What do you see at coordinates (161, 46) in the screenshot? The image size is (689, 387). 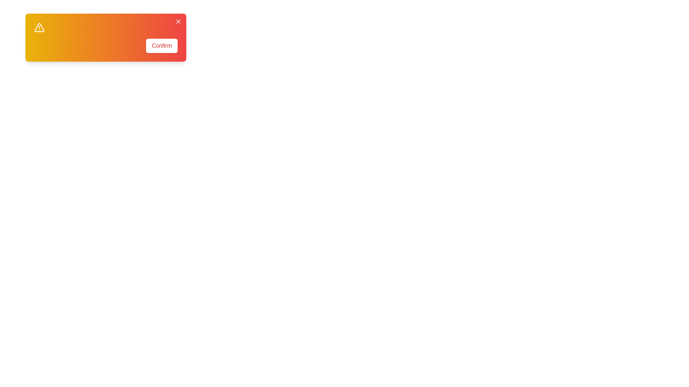 I see `the confirm button located in the bottom-right corner of the dialog box to proceed with the indicated operation` at bounding box center [161, 46].